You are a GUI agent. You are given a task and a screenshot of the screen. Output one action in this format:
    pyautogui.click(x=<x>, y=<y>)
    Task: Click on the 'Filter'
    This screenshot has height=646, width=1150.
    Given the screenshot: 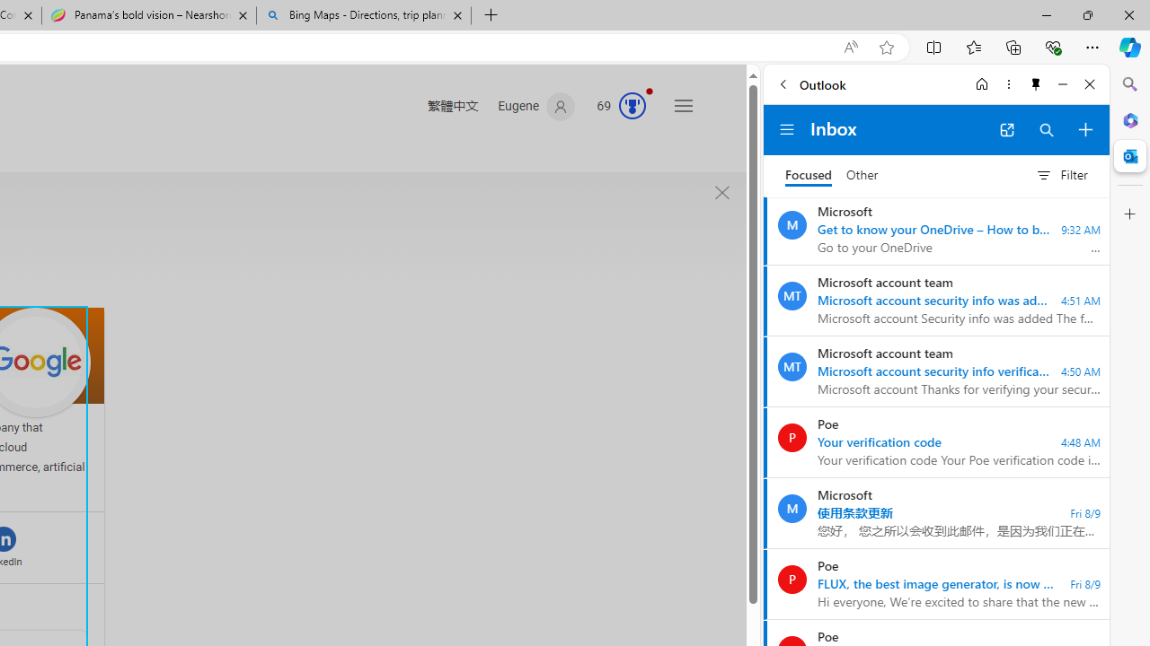 What is the action you would take?
    pyautogui.click(x=1061, y=175)
    